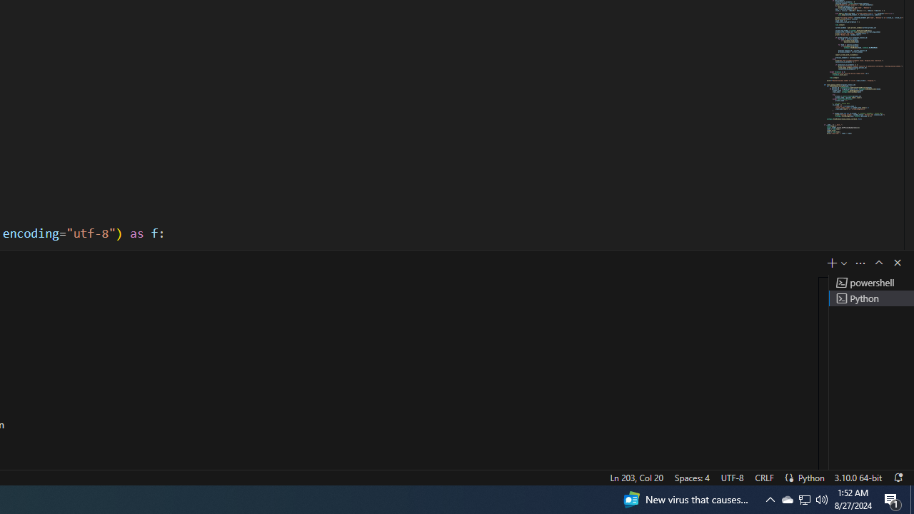 The height and width of the screenshot is (514, 914). I want to click on 'Python', so click(811, 477).